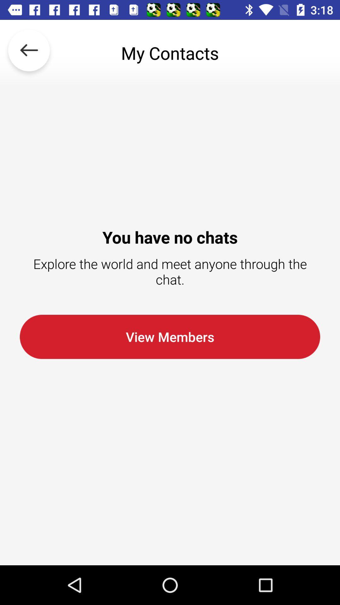 The height and width of the screenshot is (605, 340). Describe the element at coordinates (170, 337) in the screenshot. I see `view members item` at that location.